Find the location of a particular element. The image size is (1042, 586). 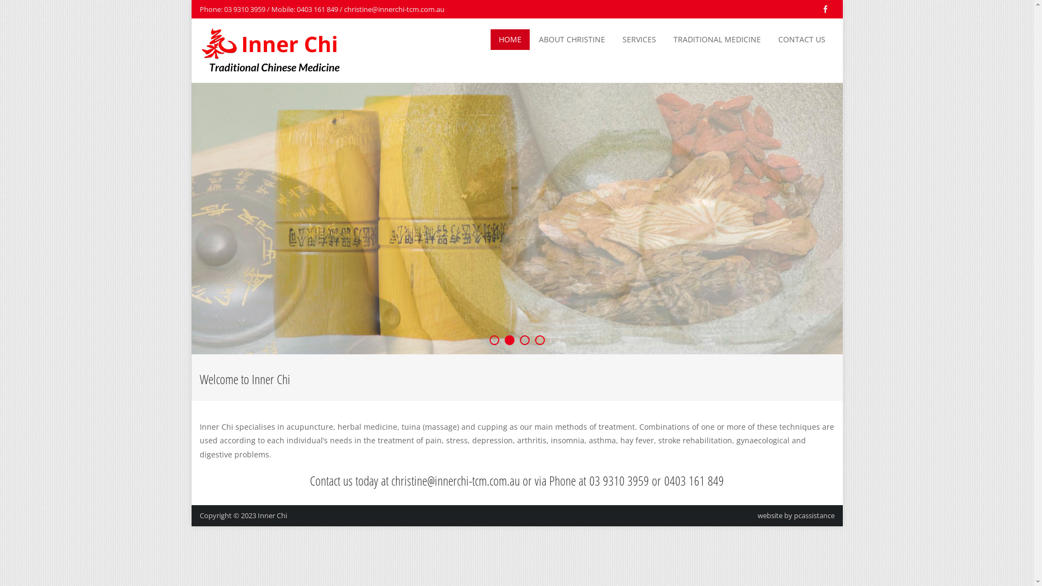

'3' is located at coordinates (524, 340).